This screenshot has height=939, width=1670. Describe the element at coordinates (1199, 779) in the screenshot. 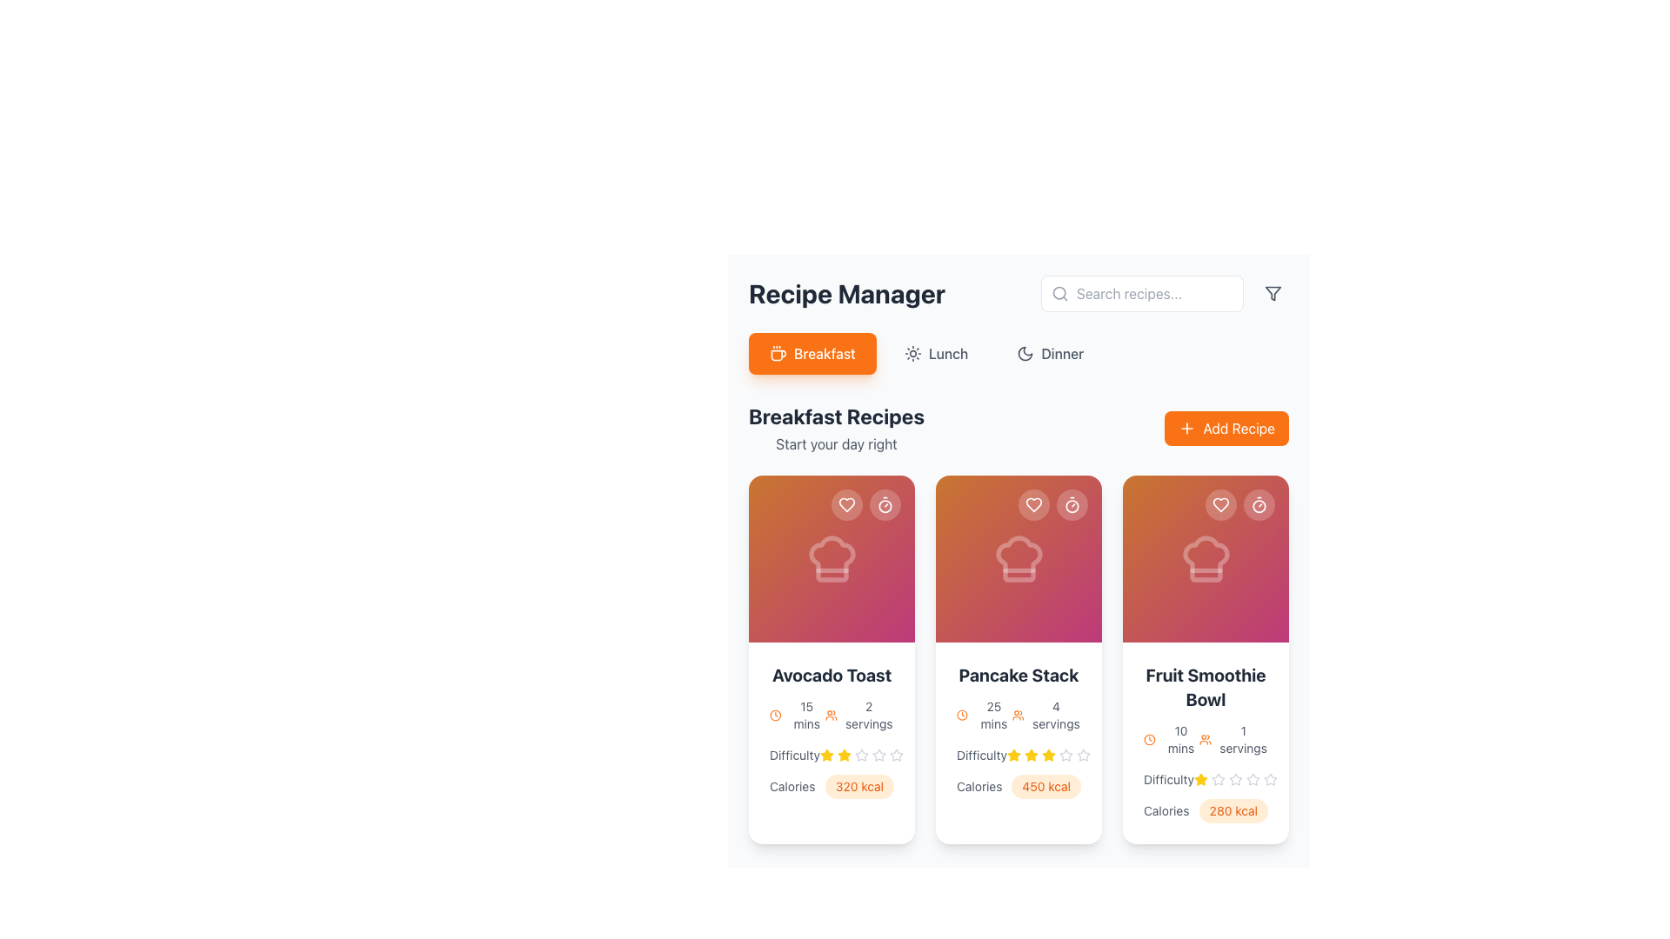

I see `the filled star icon indicating a rating level for the 'Fruit Smoothie Bowl' recipe, which represents one star worth of difficulty` at that location.